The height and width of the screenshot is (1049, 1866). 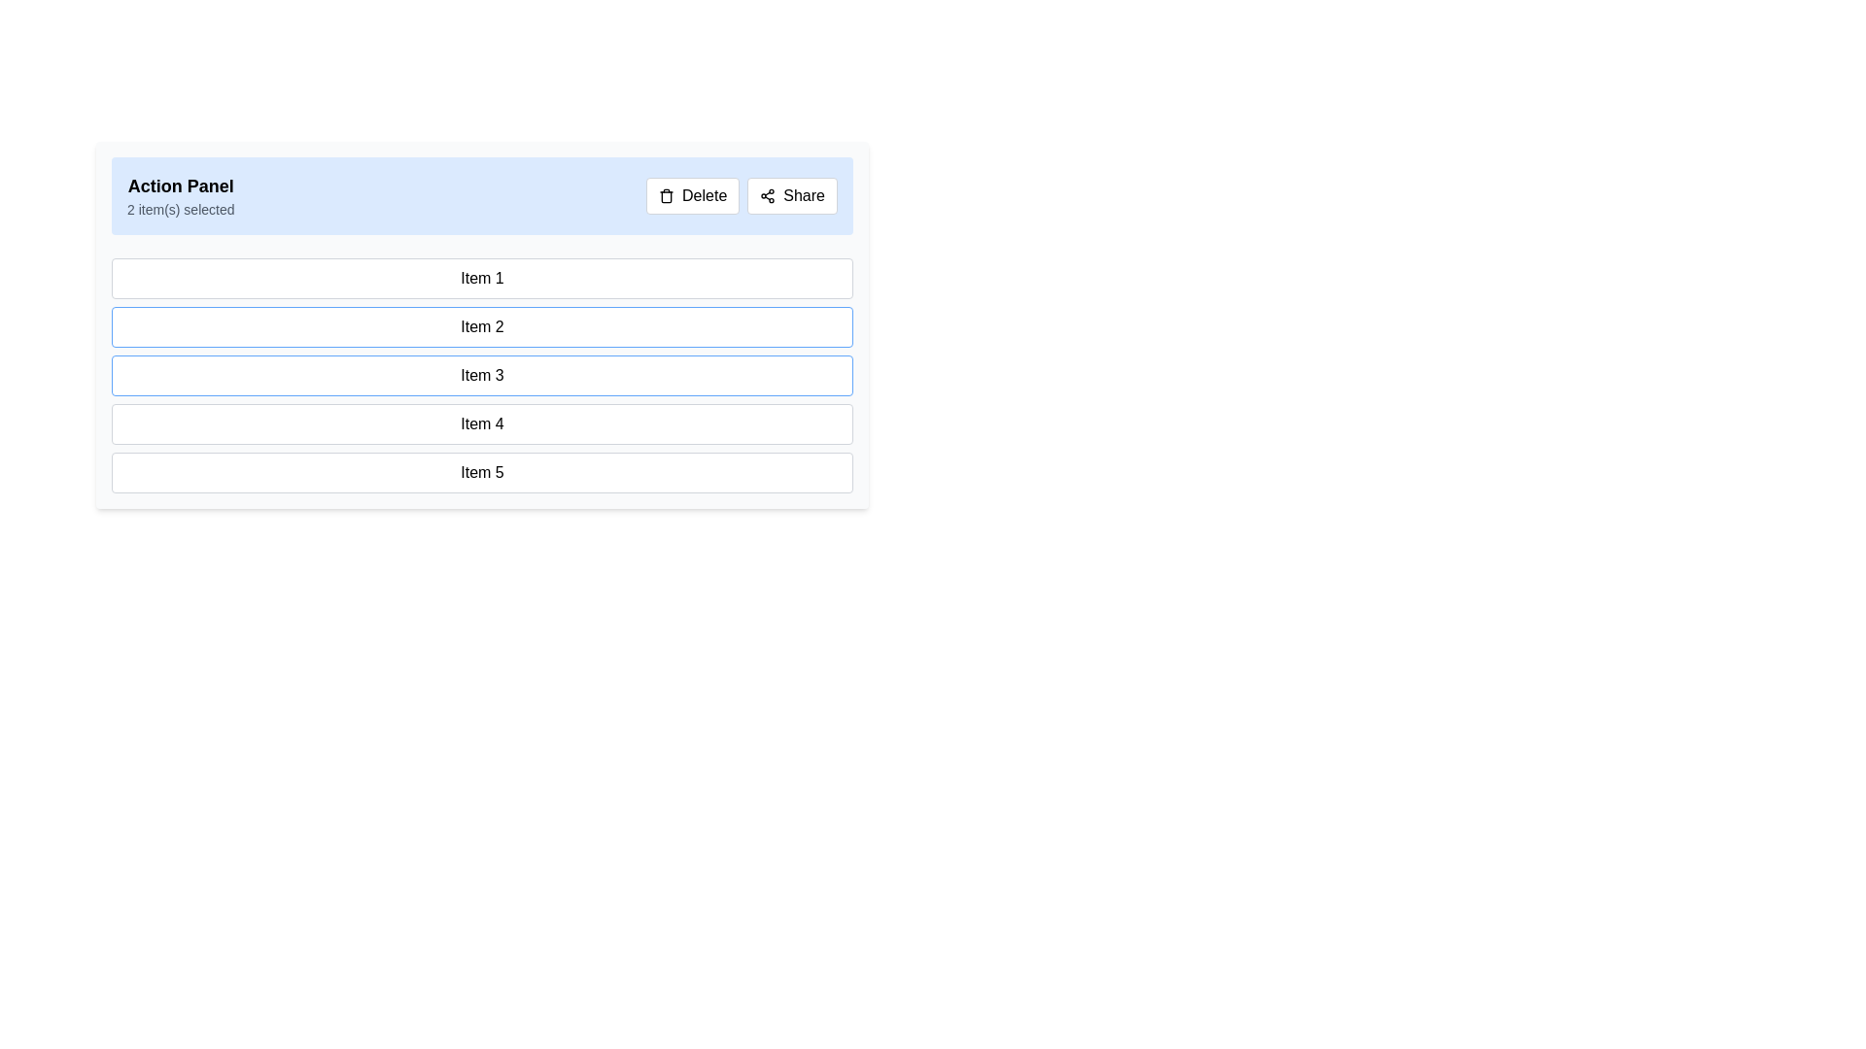 I want to click on the fourth selectable list item, so click(x=482, y=423).